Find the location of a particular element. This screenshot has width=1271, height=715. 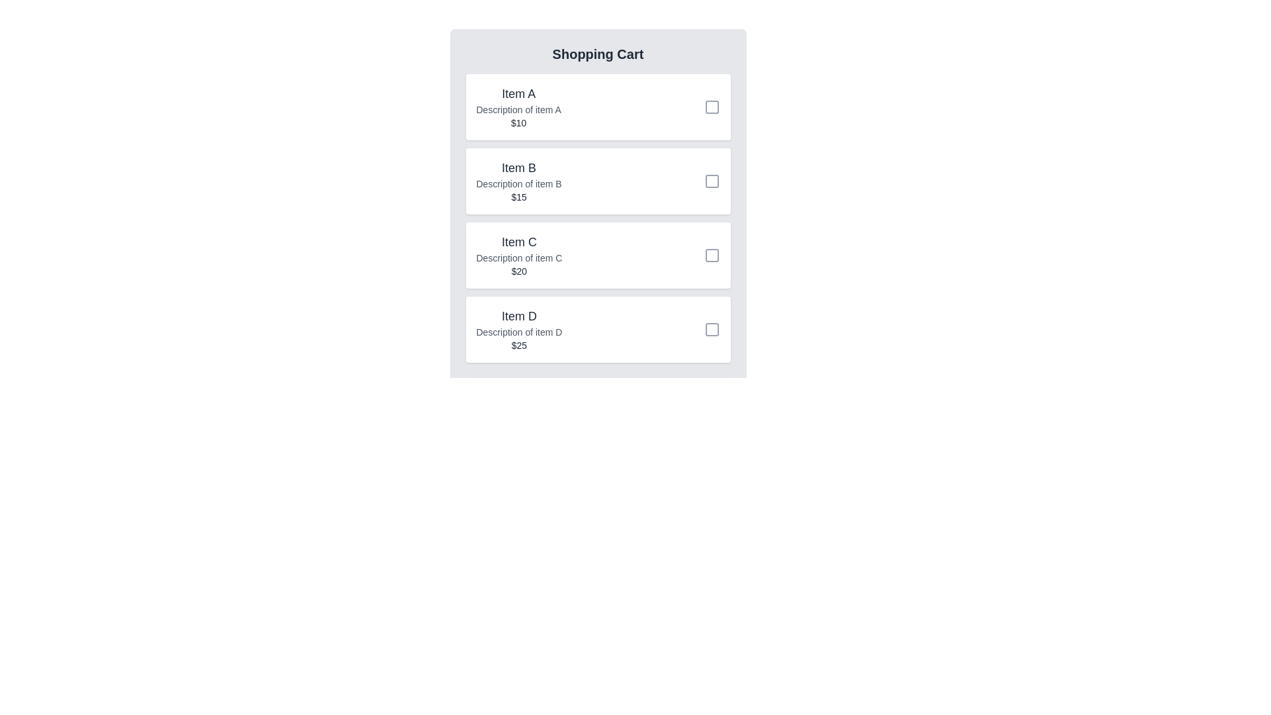

the gray square icon with rounded corners positioned to the far right of the 'Item A' text in the shopping cart list is located at coordinates (711, 107).